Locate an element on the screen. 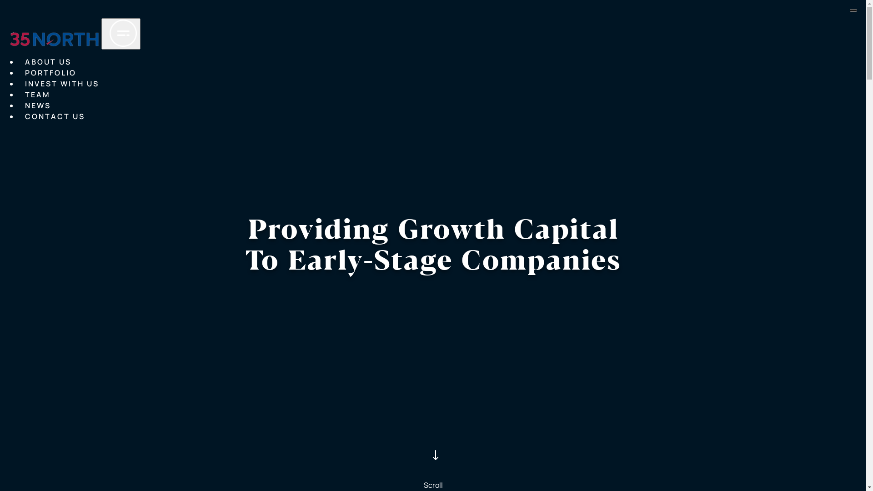  'NEWS' is located at coordinates (37, 105).